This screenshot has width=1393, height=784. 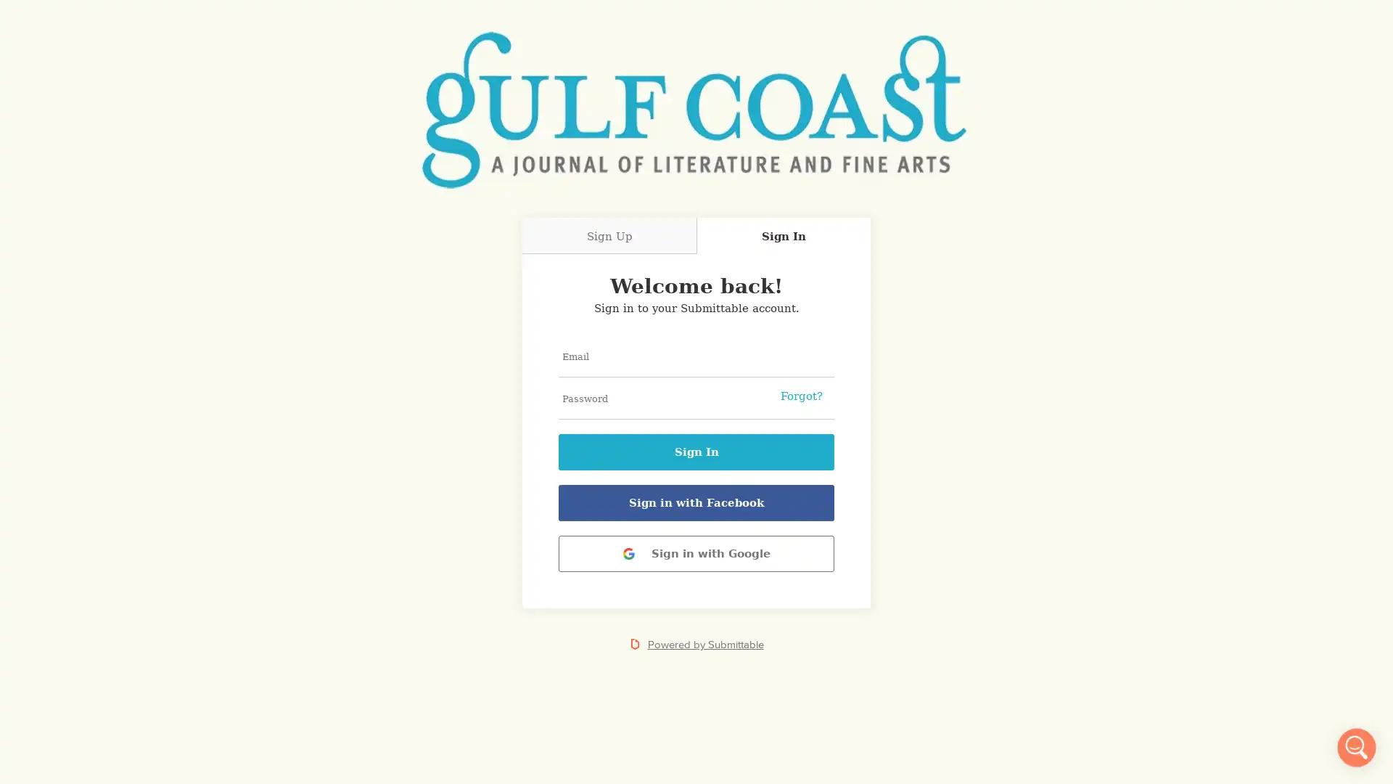 What do you see at coordinates (1356, 747) in the screenshot?
I see `Open Intercom Messenger` at bounding box center [1356, 747].